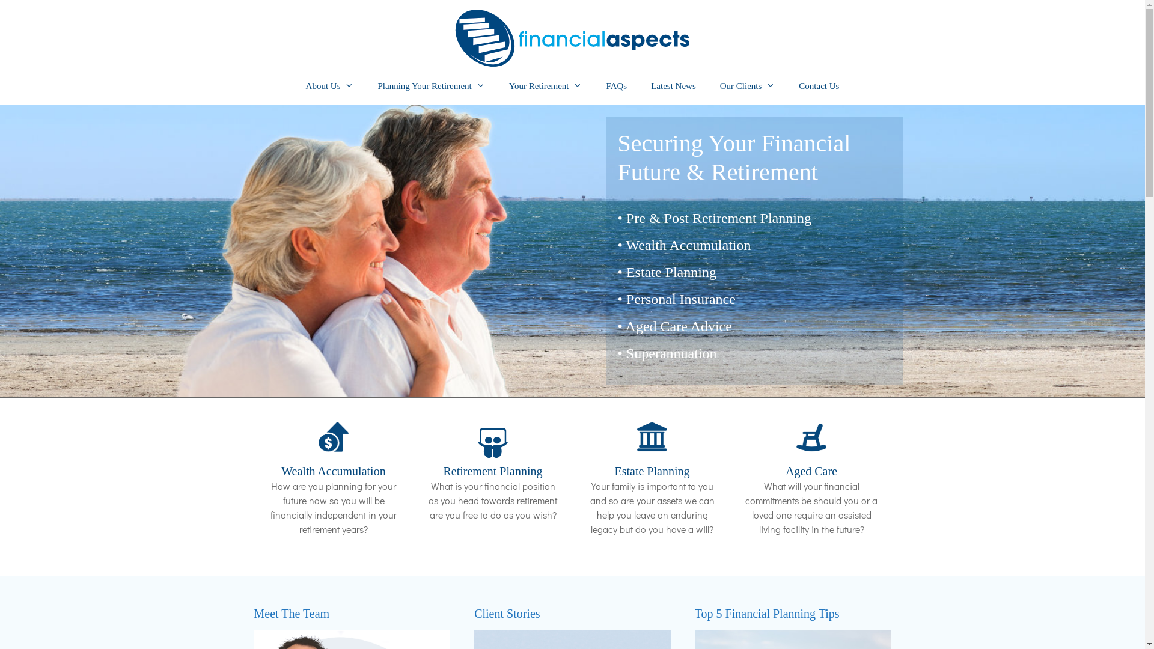 Image resolution: width=1154 pixels, height=649 pixels. What do you see at coordinates (329, 85) in the screenshot?
I see `'About Us'` at bounding box center [329, 85].